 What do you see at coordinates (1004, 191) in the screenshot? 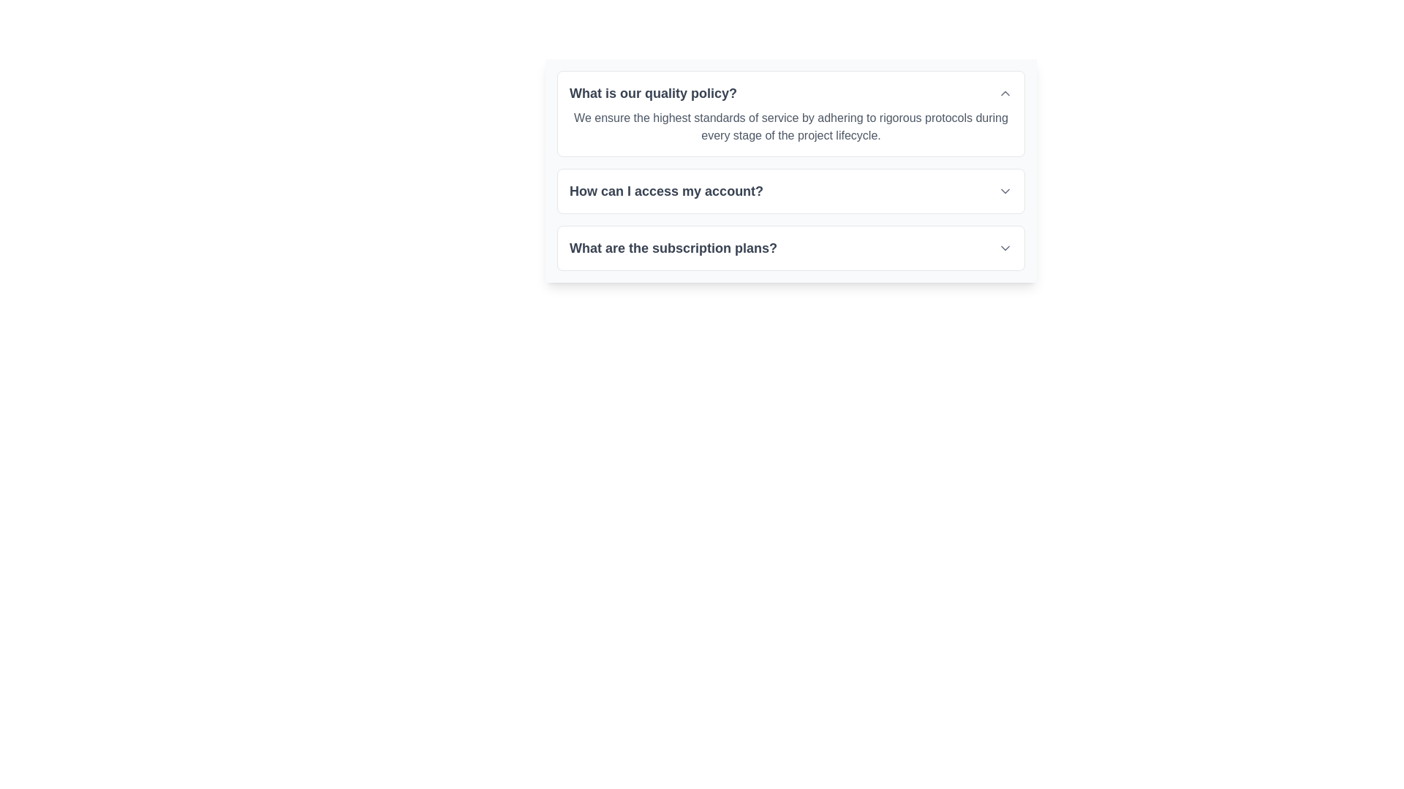
I see `the Dropdown toggle indicator icon located at the far-right end of the question 'How can I access my account?'` at bounding box center [1004, 191].